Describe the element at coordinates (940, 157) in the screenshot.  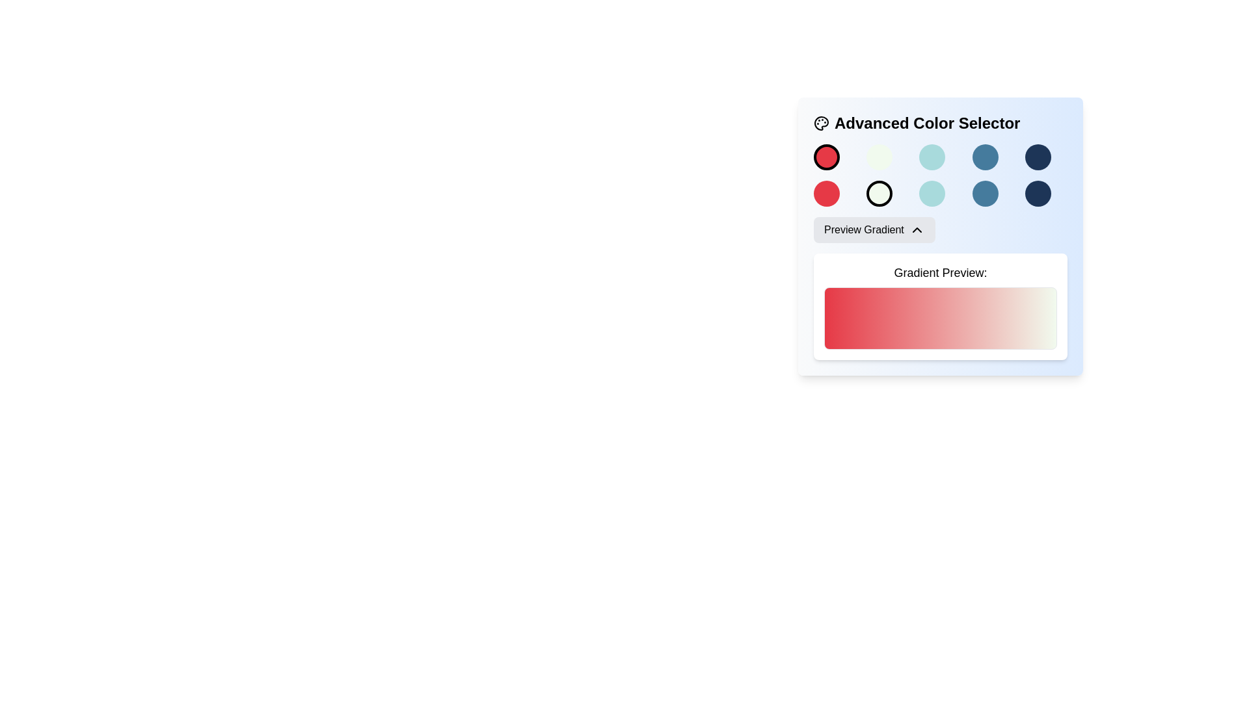
I see `the color circle in the horizontal grid of selectable color circles below the 'Advanced Color Selector' title` at that location.